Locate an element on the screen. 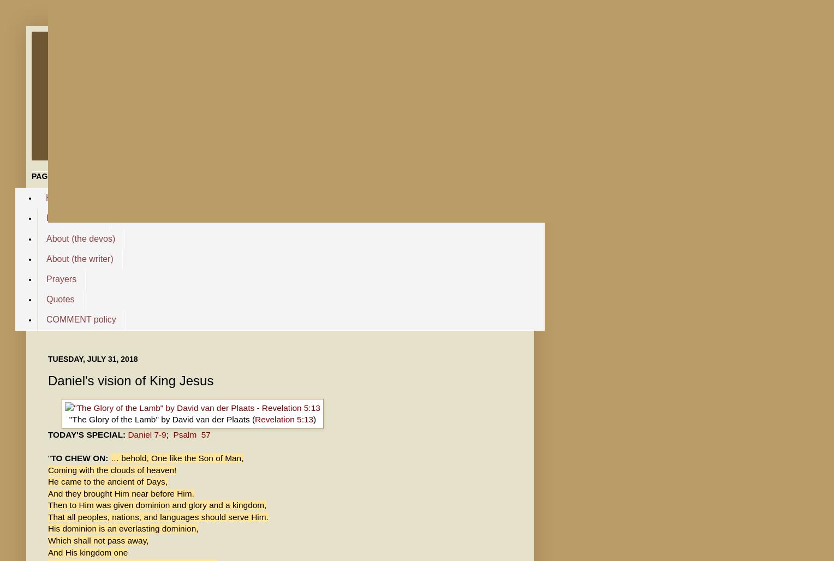 This screenshot has width=834, height=561. 'TO CHEW ON:' is located at coordinates (80, 457).